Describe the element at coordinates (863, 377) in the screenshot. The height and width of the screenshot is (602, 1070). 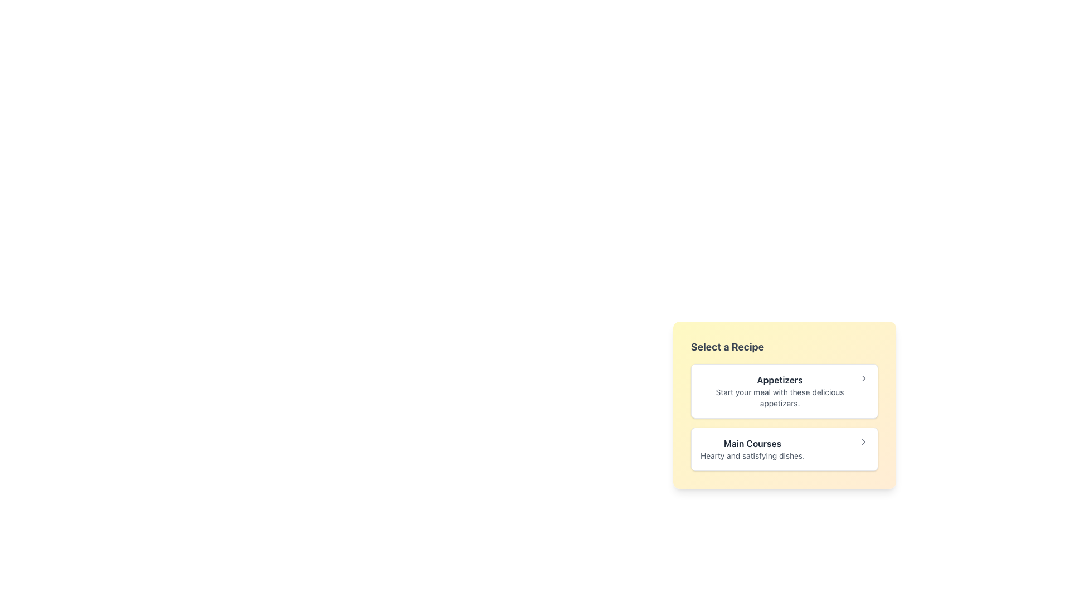
I see `the chevron icon located in the top-right of the 'Appetizers' menu option` at that location.